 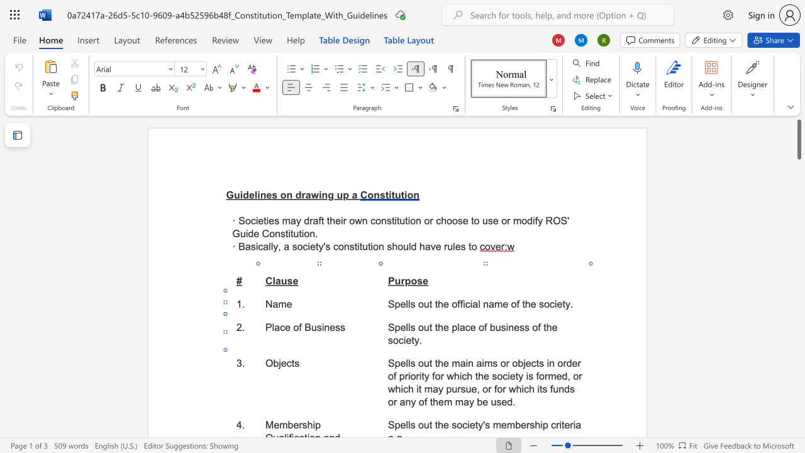 I want to click on the space between the continuous character "S" and "p" in the text, so click(x=394, y=327).